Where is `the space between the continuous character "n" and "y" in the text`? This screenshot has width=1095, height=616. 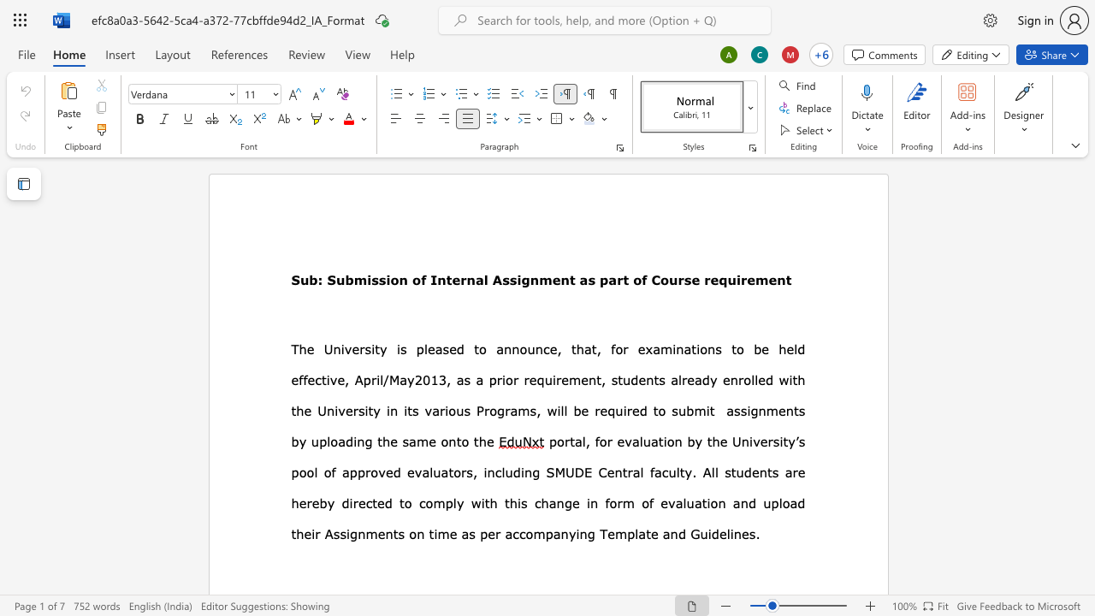
the space between the continuous character "n" and "y" in the text is located at coordinates (568, 533).